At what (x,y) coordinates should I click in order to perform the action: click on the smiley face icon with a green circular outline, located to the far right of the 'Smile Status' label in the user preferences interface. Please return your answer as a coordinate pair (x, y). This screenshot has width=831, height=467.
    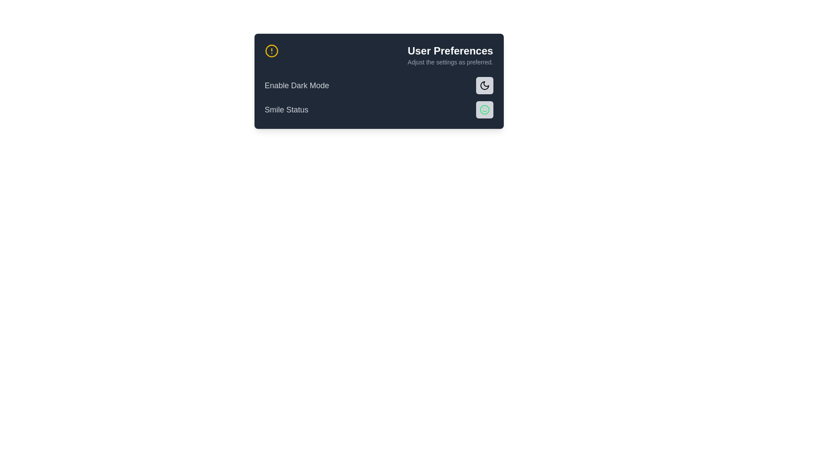
    Looking at the image, I should click on (484, 109).